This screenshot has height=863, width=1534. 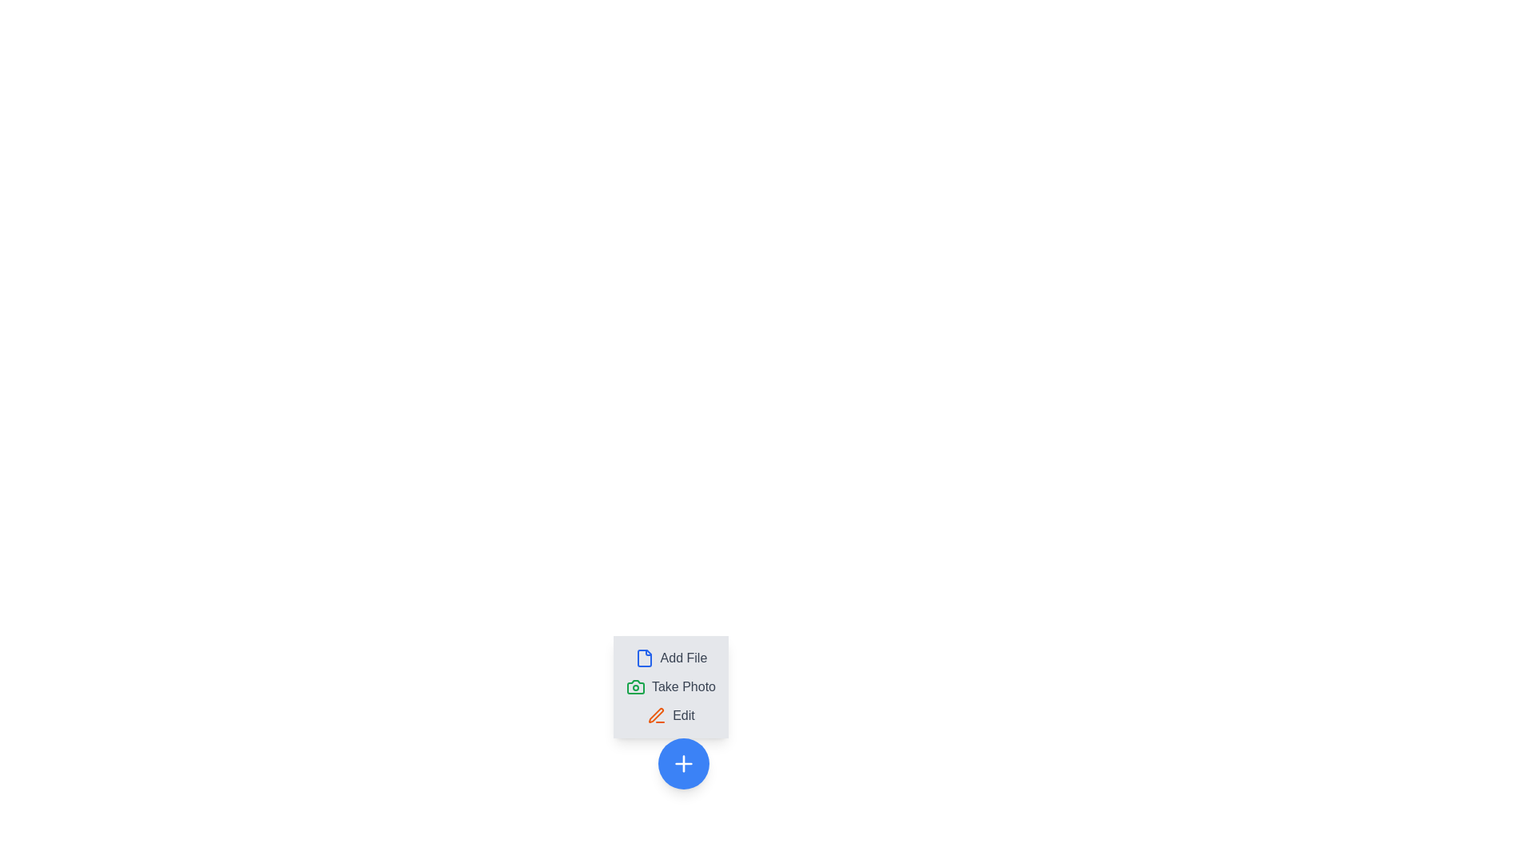 I want to click on the button located at the bottom right corner of the interactive toolbar, beneath the 'Edit' option, to initiate the creation of a new item or action, so click(x=683, y=763).